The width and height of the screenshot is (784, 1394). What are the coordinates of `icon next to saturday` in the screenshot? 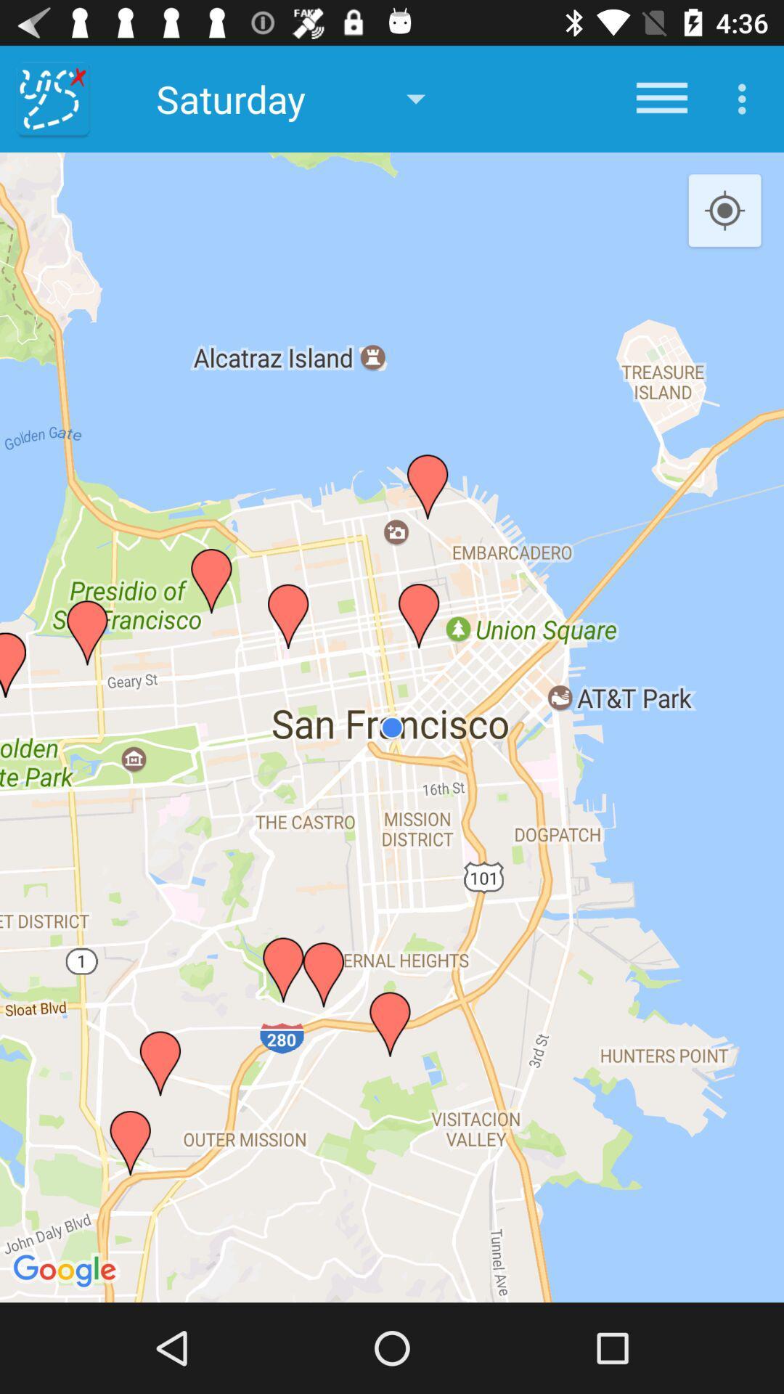 It's located at (661, 98).